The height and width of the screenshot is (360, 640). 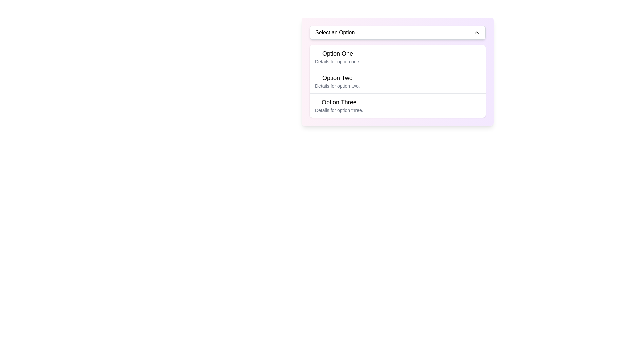 I want to click on the first selectable option 'Option One' in the drop-down menu list, so click(x=398, y=56).